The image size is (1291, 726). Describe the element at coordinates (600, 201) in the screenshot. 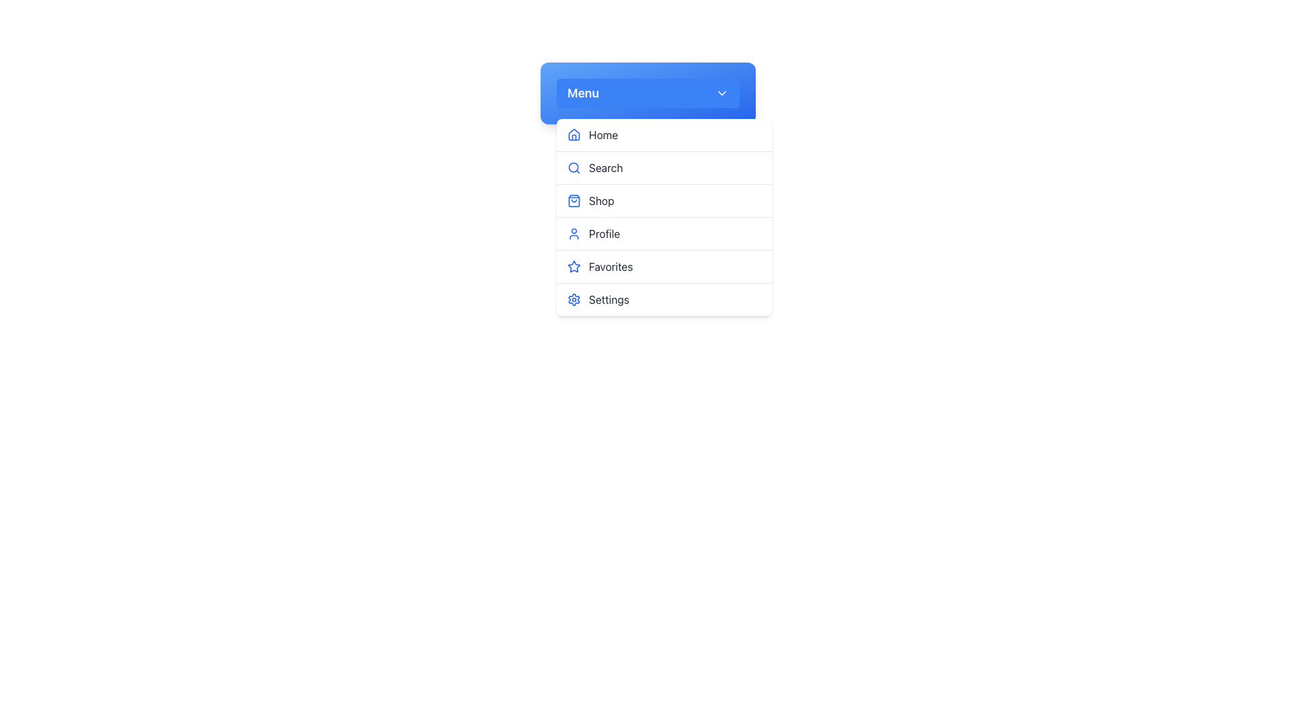

I see `the 'Shop' label text, which is displayed in gray typography within a vertical menu` at that location.